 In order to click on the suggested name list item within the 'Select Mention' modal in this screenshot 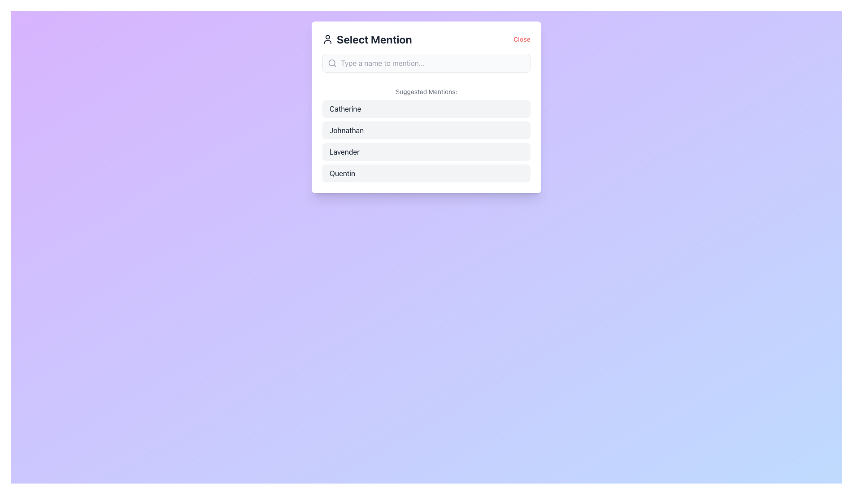, I will do `click(426, 141)`.